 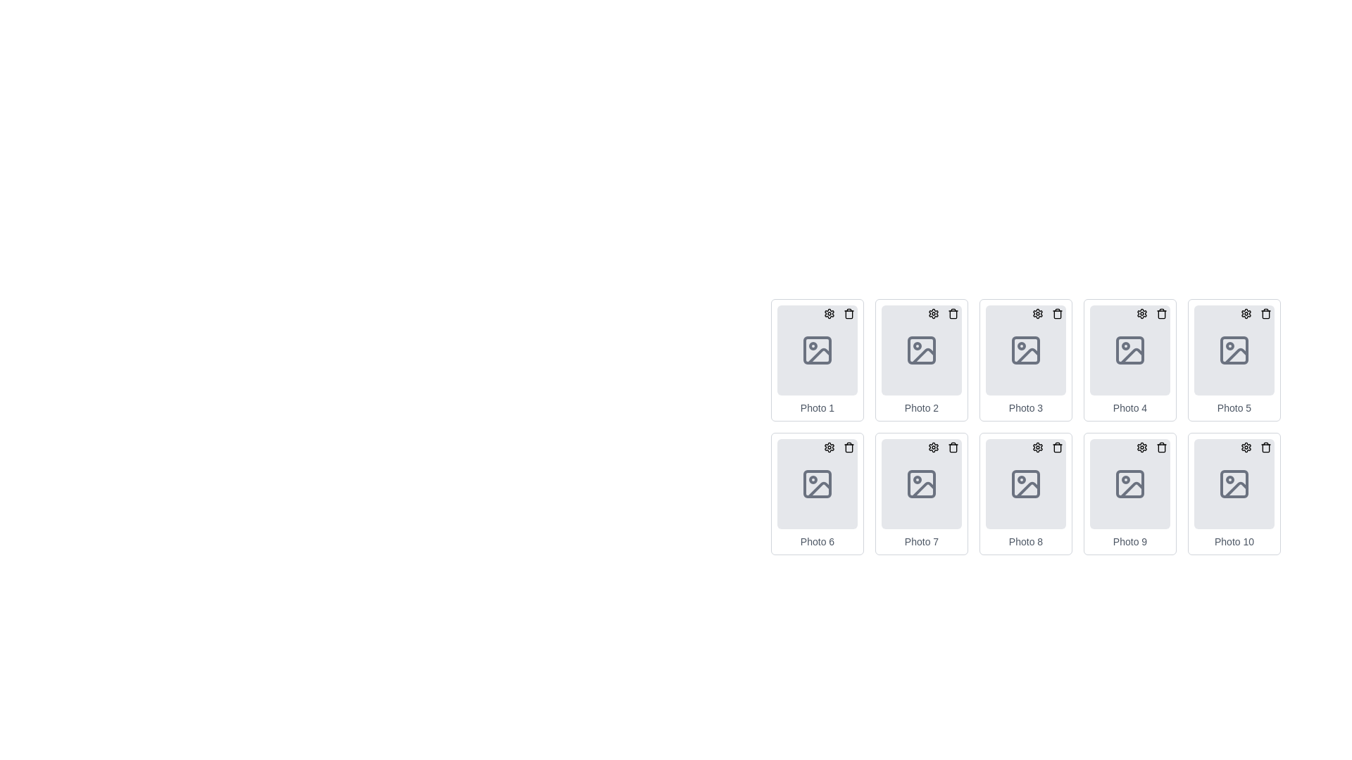 What do you see at coordinates (1037, 448) in the screenshot?
I see `the gear icon, which is a circular icon resembling a settings icon located in the toolbar of the 'Photo 8' card` at bounding box center [1037, 448].